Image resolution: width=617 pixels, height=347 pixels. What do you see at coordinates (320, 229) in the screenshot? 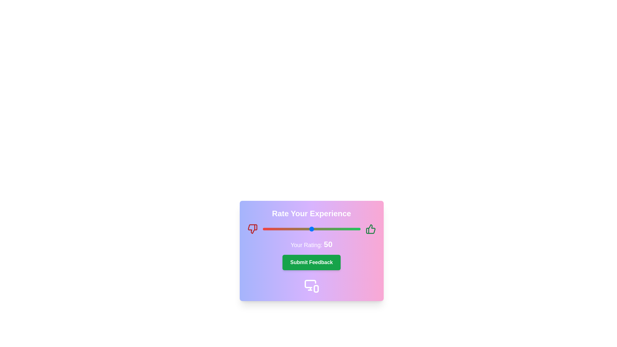
I see `the slider to a specific rating value, 59` at bounding box center [320, 229].